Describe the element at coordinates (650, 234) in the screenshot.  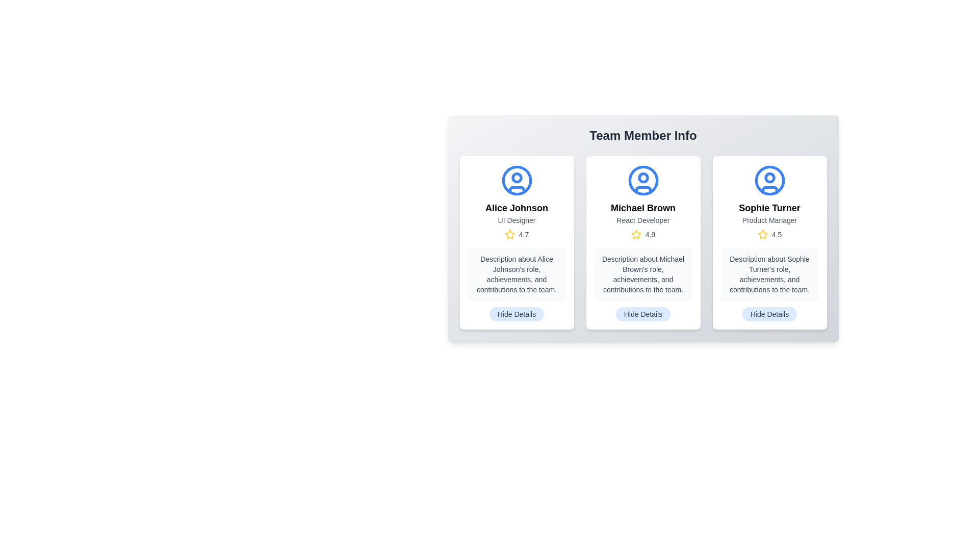
I see `the Text Label displaying the numeric text '4.9' in gray color, which is located to the right of a yellow star icon in the card for Michael Brown` at that location.